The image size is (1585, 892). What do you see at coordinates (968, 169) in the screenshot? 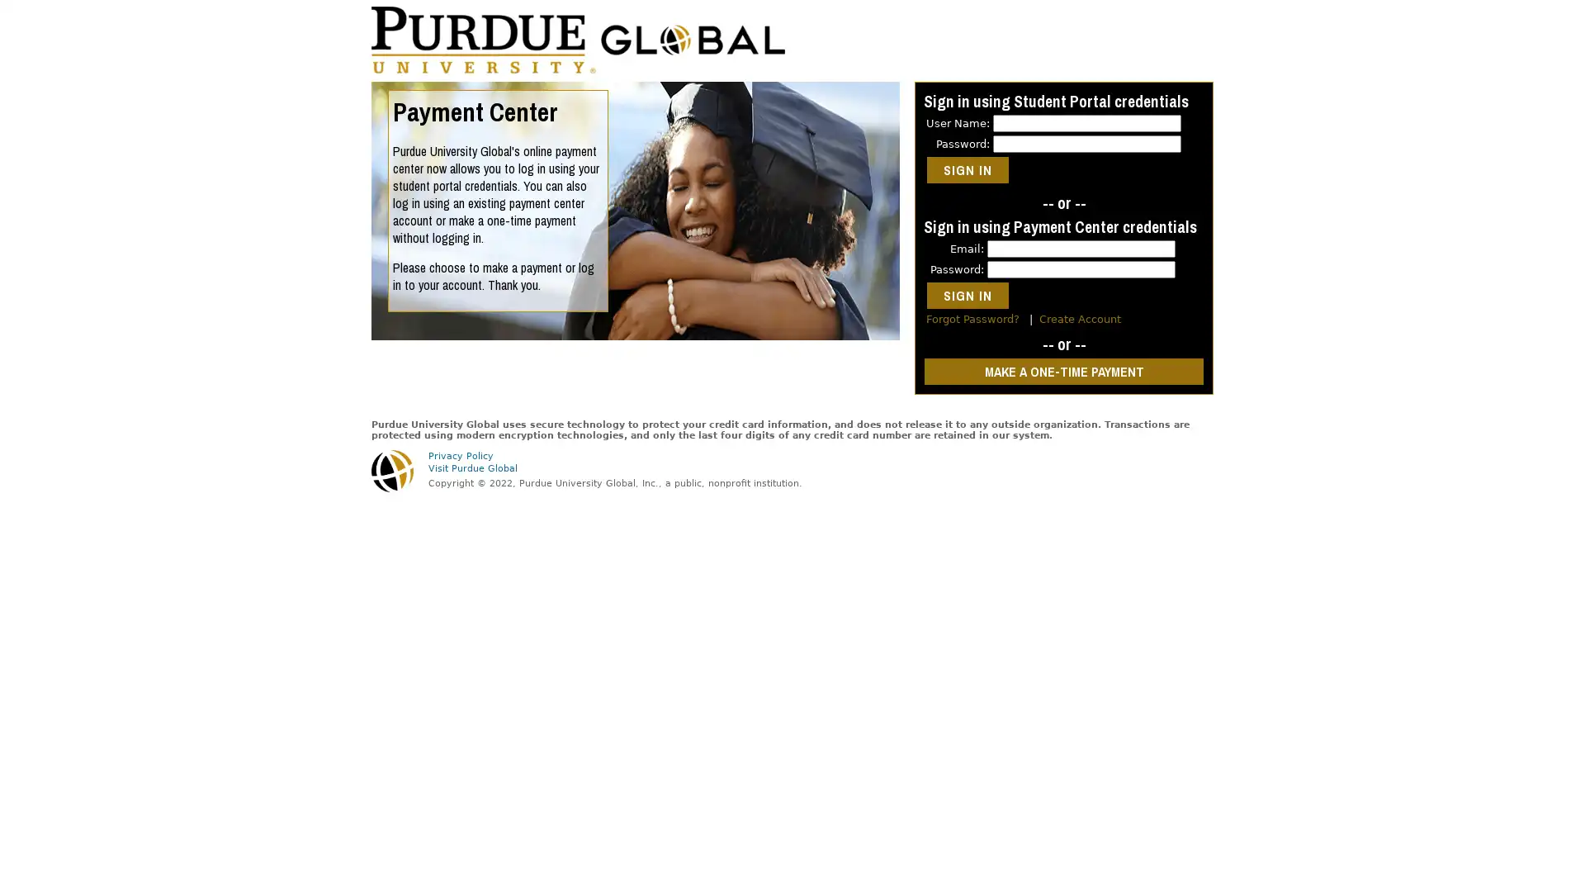
I see `Sign In` at bounding box center [968, 169].